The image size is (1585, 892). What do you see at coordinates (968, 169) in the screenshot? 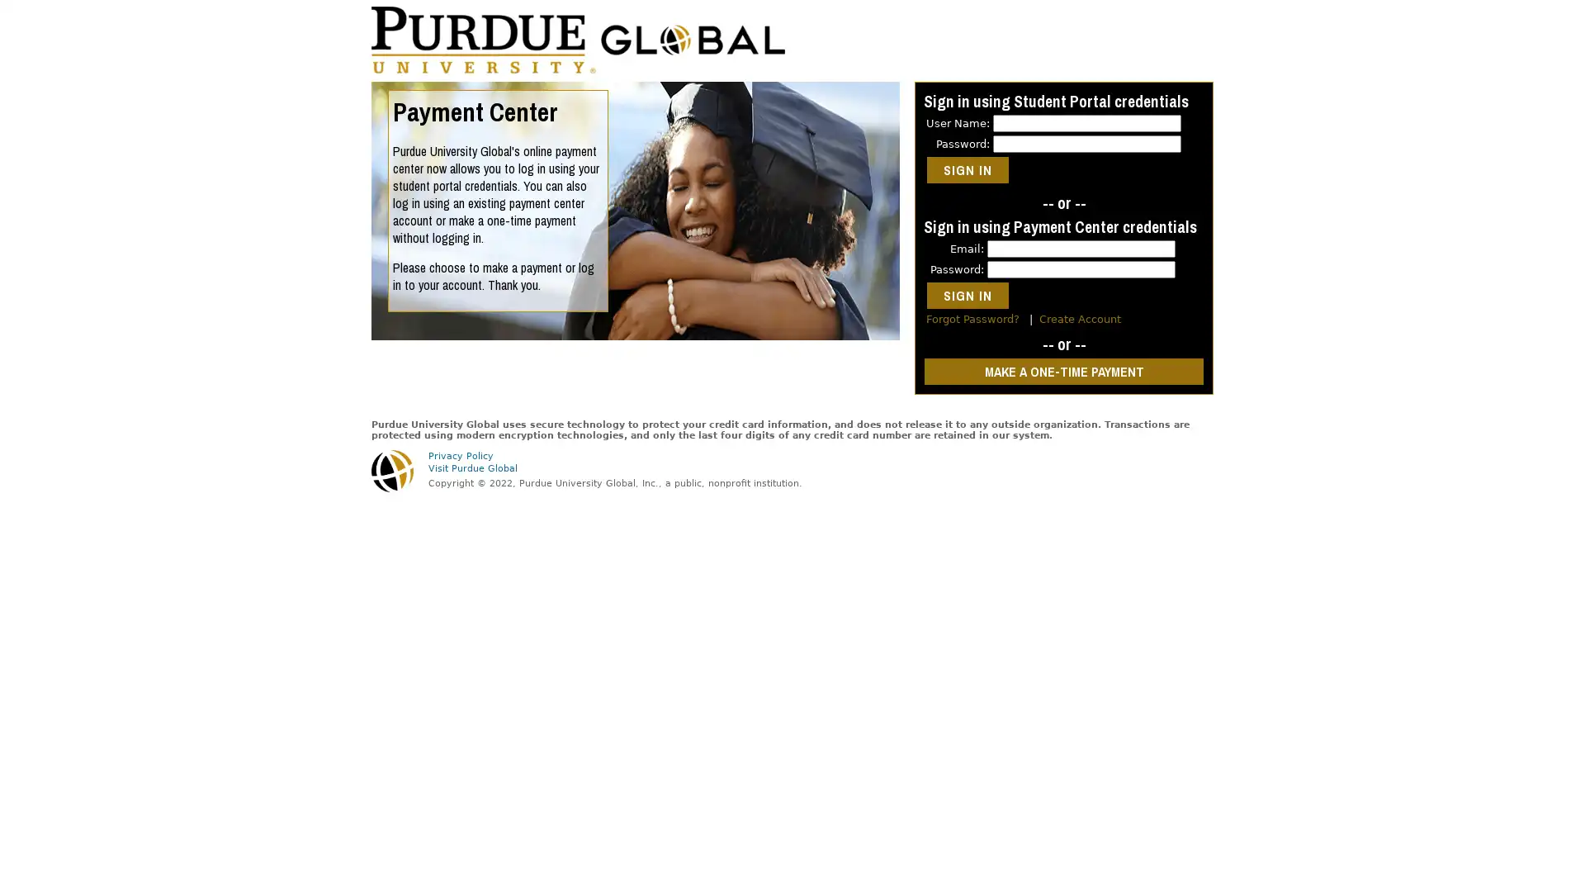
I see `Sign In` at bounding box center [968, 169].